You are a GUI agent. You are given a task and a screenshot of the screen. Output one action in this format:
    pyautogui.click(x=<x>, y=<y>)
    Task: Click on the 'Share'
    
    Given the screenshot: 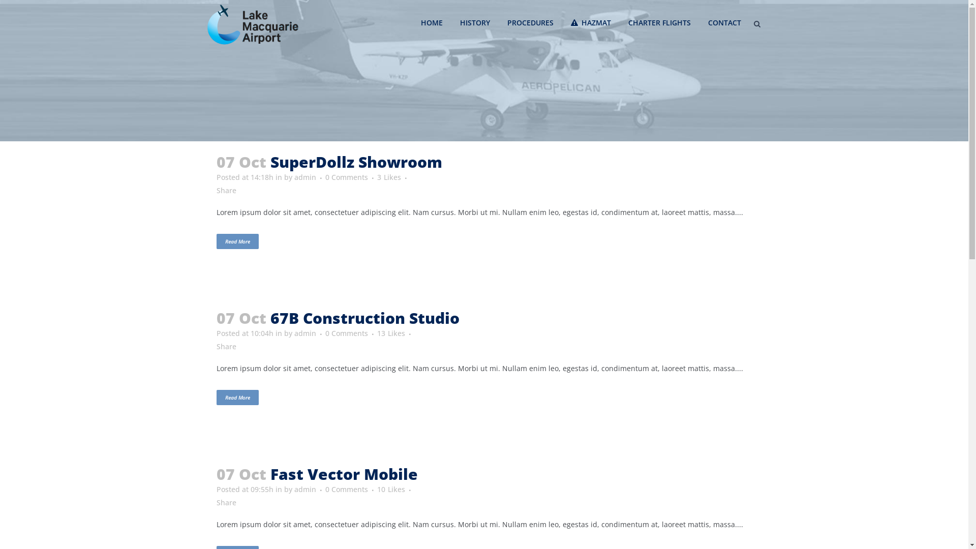 What is the action you would take?
    pyautogui.click(x=226, y=502)
    